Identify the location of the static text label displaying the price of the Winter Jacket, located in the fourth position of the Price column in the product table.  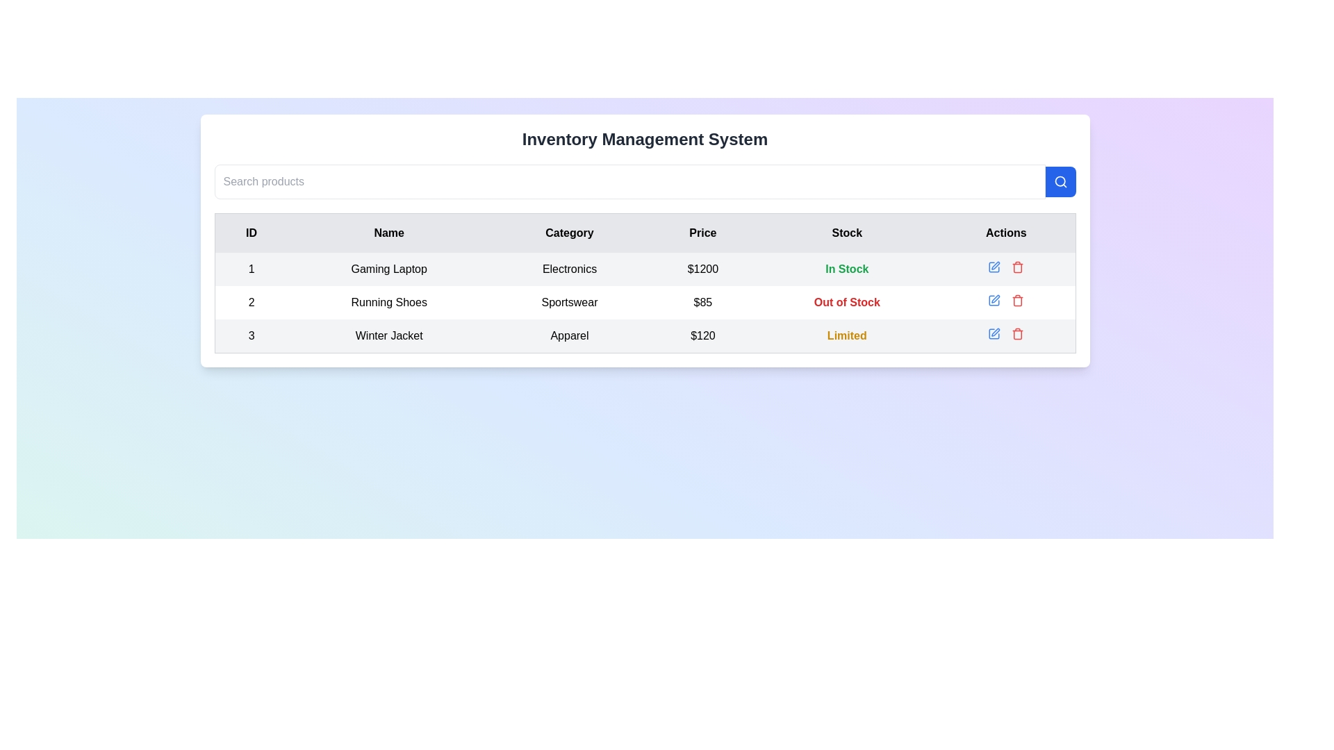
(702, 336).